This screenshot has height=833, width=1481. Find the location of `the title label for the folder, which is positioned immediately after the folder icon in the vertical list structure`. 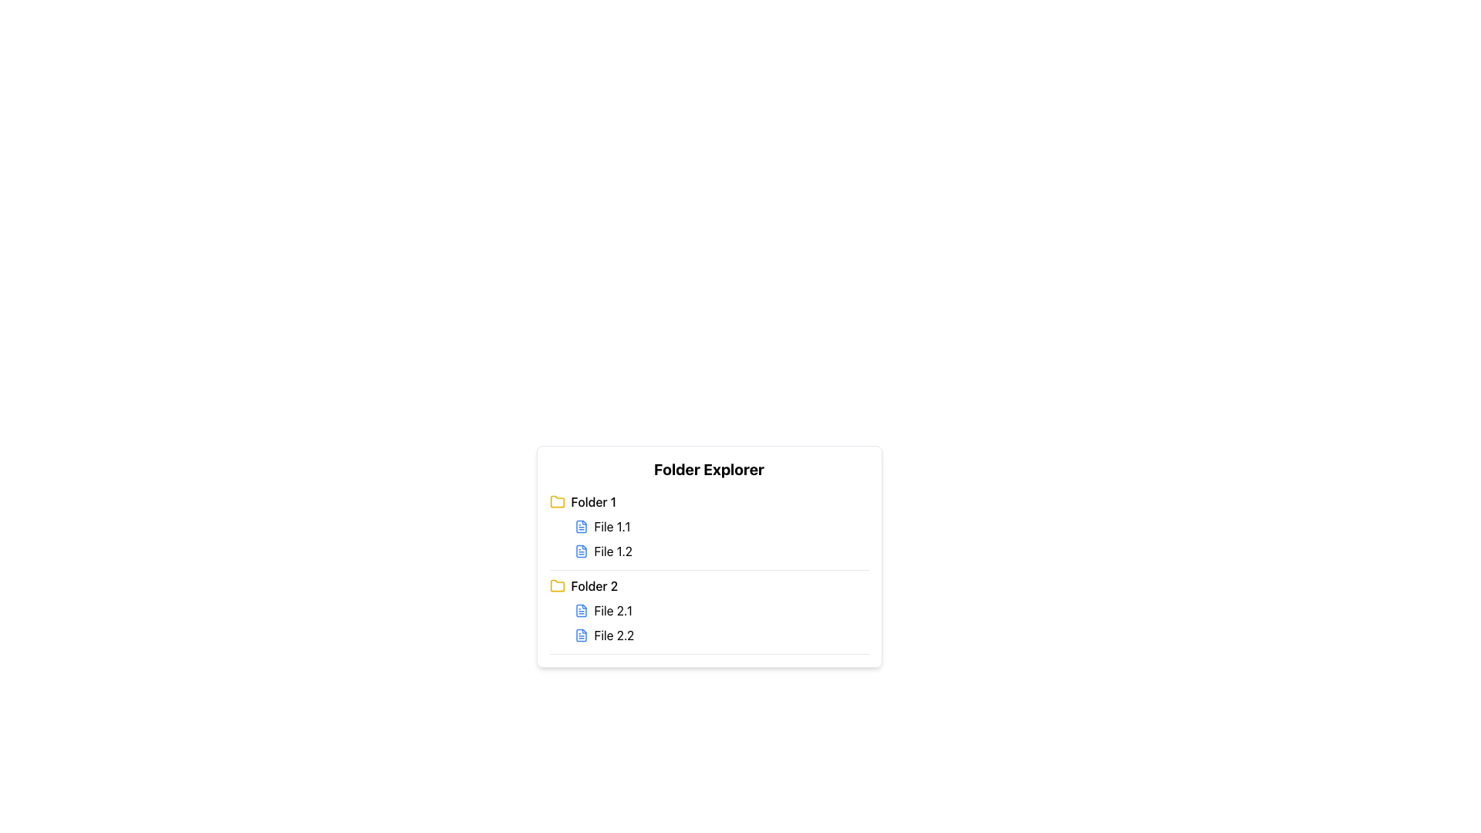

the title label for the folder, which is positioned immediately after the folder icon in the vertical list structure is located at coordinates (592, 502).